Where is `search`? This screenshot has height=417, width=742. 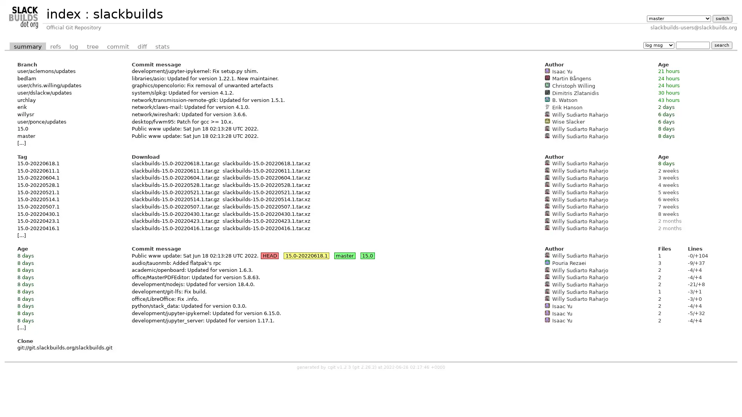
search is located at coordinates (721, 45).